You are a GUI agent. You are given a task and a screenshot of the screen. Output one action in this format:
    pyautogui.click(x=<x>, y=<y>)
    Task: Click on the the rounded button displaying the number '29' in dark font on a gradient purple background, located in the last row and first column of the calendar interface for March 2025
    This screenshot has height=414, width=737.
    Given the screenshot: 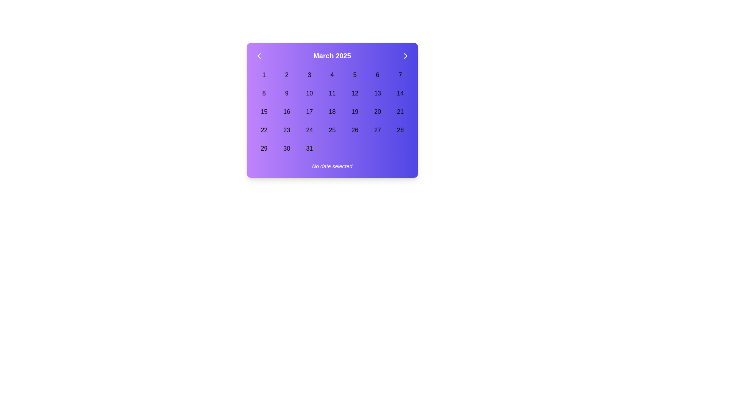 What is the action you would take?
    pyautogui.click(x=264, y=149)
    